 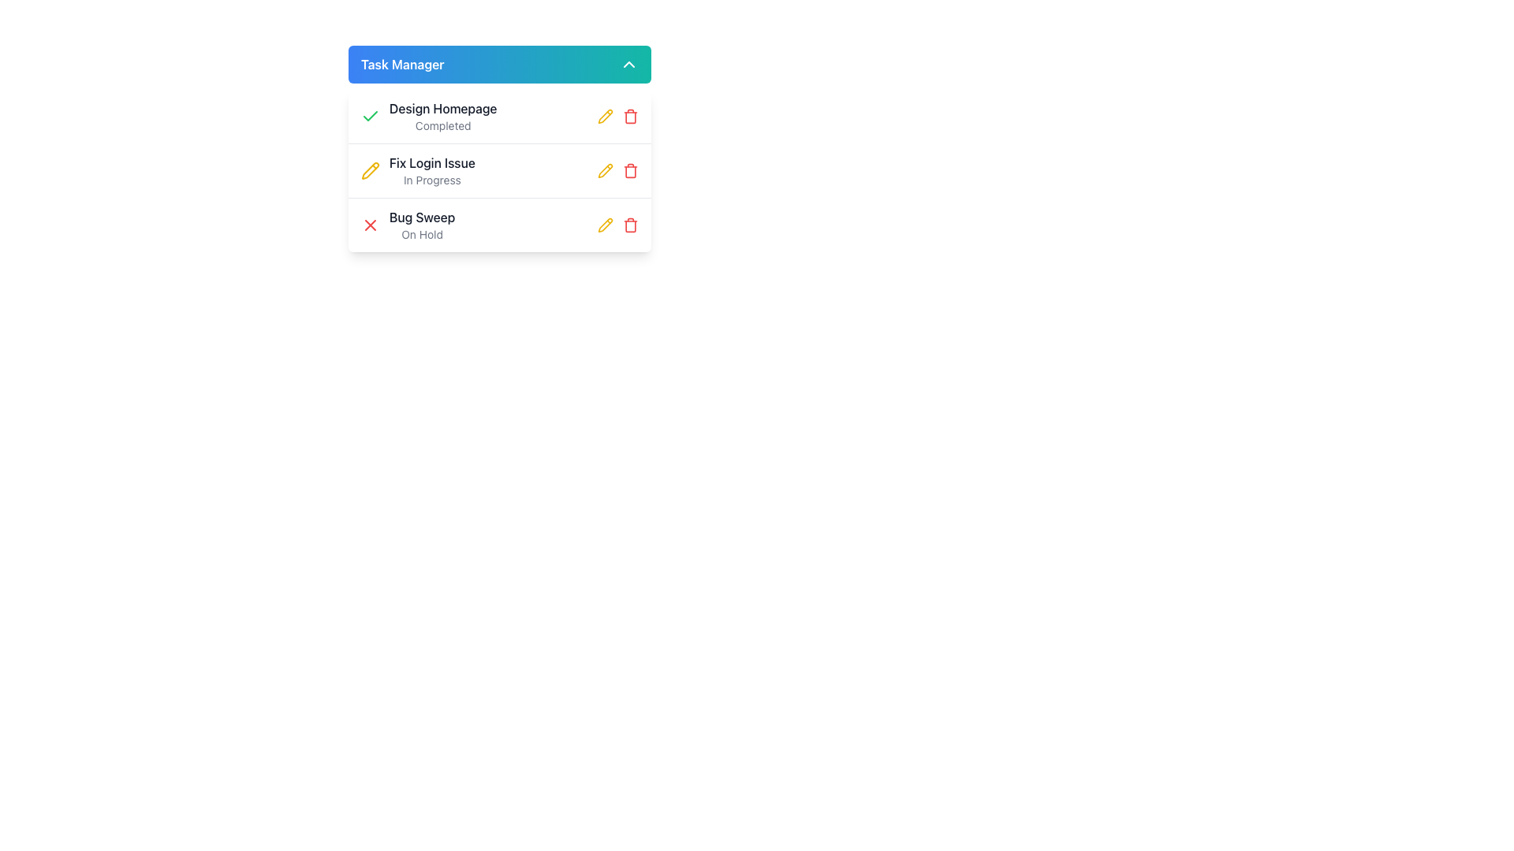 What do you see at coordinates (605, 114) in the screenshot?
I see `the yellow pencil icon located next to the task 'Fix Login Issue' to trigger a tooltip or visual feedback` at bounding box center [605, 114].